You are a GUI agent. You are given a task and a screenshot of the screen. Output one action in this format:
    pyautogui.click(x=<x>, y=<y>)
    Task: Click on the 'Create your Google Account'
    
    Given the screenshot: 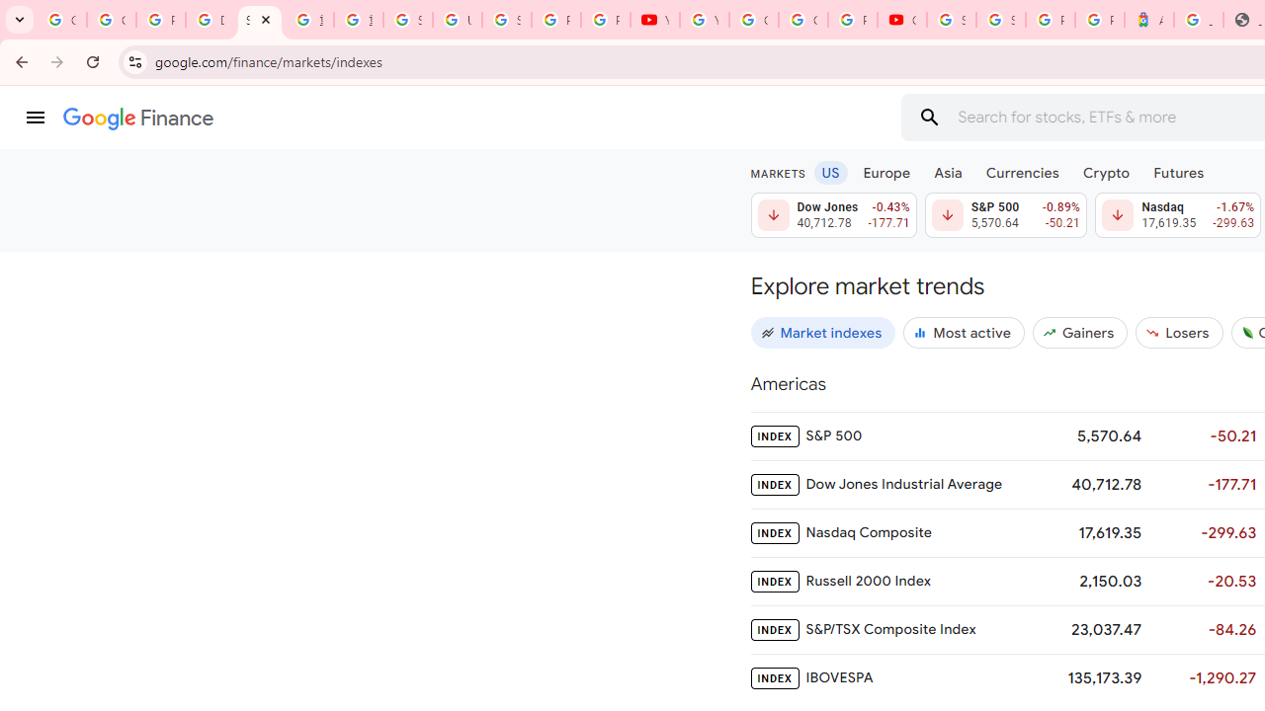 What is the action you would take?
    pyautogui.click(x=803, y=20)
    